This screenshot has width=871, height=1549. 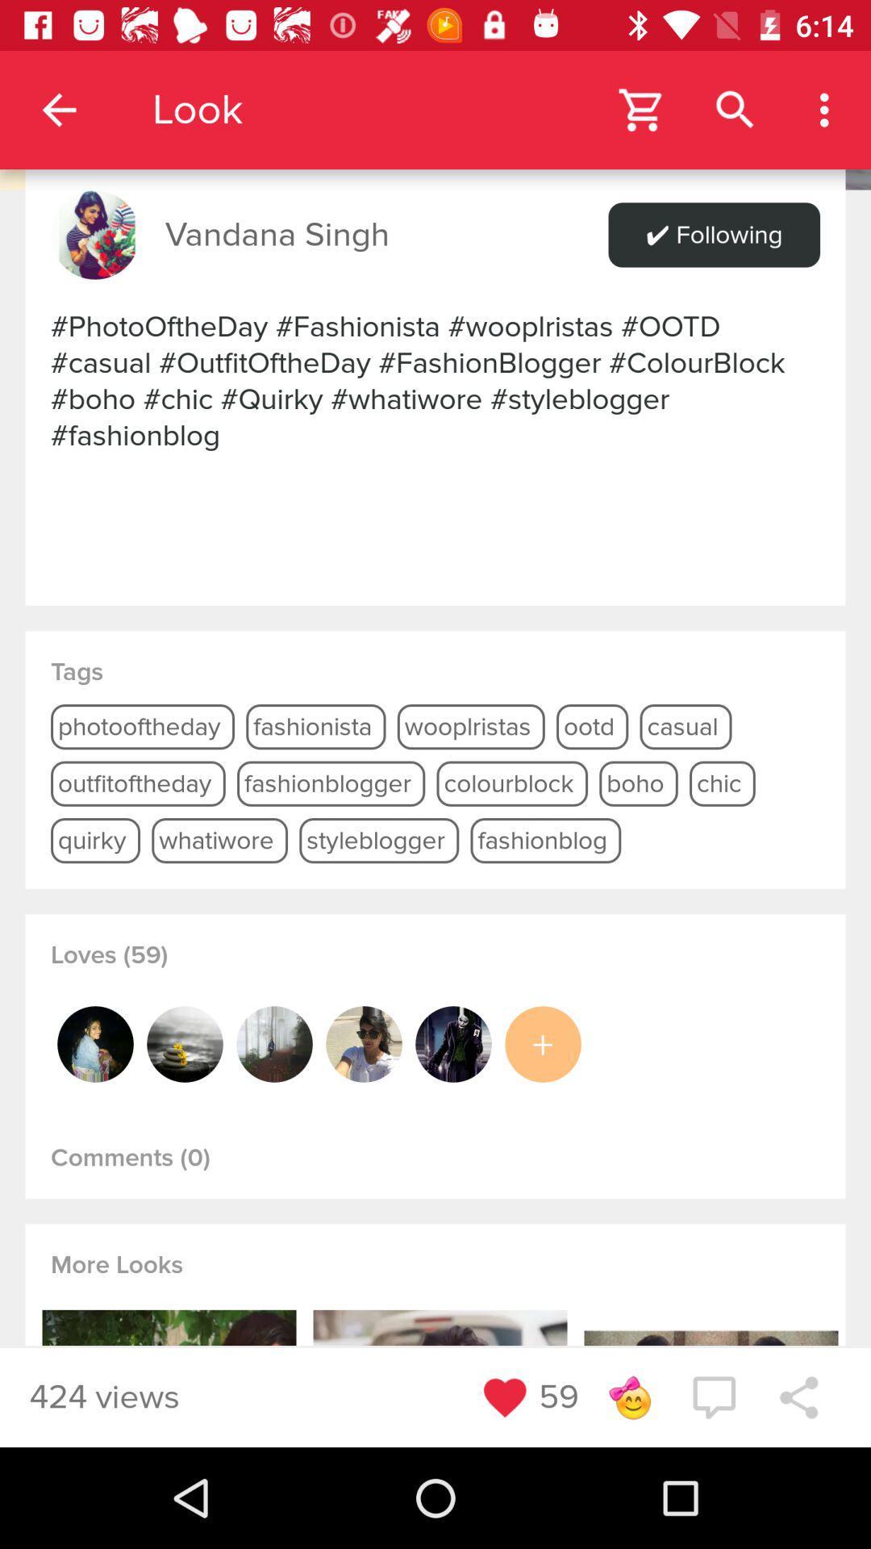 What do you see at coordinates (628, 1397) in the screenshot?
I see `the emoji icon` at bounding box center [628, 1397].